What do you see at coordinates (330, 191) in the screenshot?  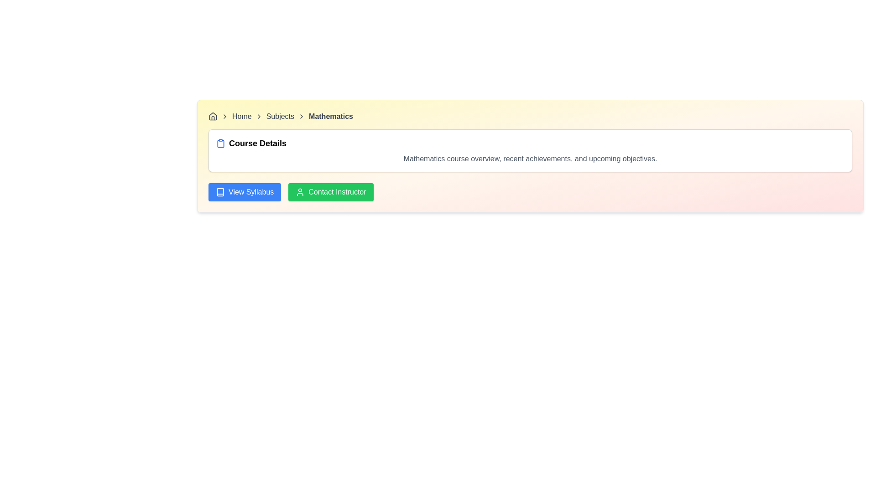 I see `the 'Contact Instructor' button, which is the second button in a horizontal group located at the bottom center of the panel` at bounding box center [330, 191].